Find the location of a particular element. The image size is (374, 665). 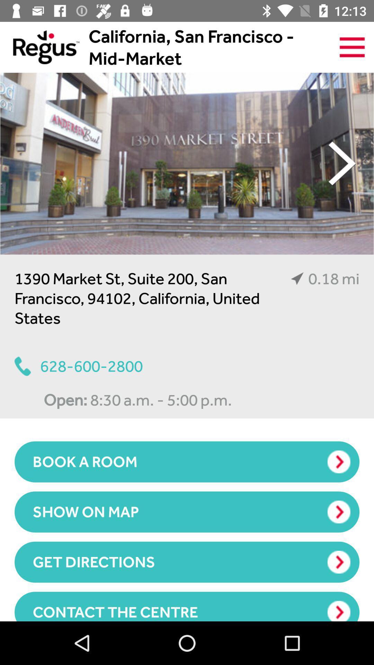

item above get directions item is located at coordinates (187, 512).